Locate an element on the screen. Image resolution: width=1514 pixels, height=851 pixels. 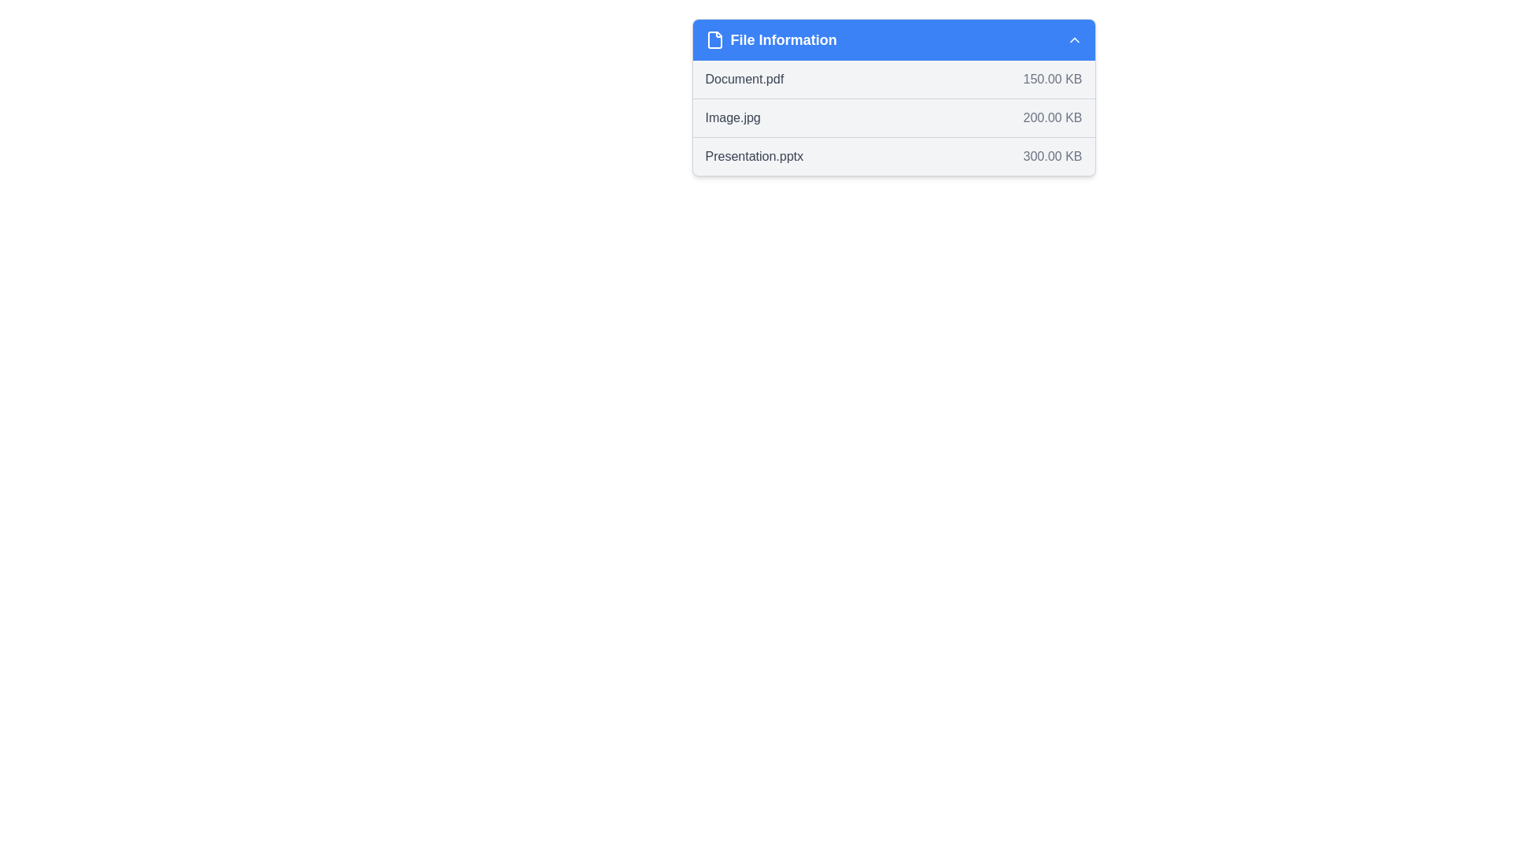
the text label displaying '150.00 KB' in gray font color, positioned at the far-right end of the row corresponding to 'Document.pdf' is located at coordinates (1053, 79).